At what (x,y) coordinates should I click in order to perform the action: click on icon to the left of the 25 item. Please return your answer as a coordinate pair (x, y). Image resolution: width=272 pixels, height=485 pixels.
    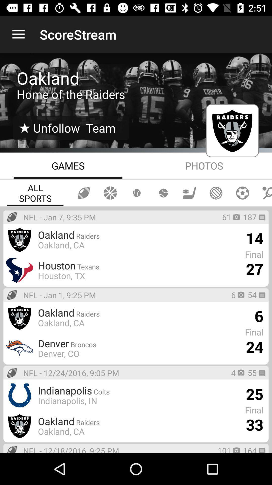
    Looking at the image, I should click on (120, 390).